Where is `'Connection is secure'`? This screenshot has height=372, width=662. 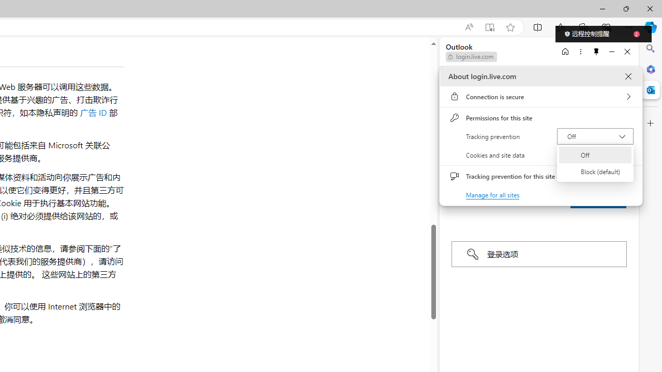
'Connection is secure' is located at coordinates (540, 97).